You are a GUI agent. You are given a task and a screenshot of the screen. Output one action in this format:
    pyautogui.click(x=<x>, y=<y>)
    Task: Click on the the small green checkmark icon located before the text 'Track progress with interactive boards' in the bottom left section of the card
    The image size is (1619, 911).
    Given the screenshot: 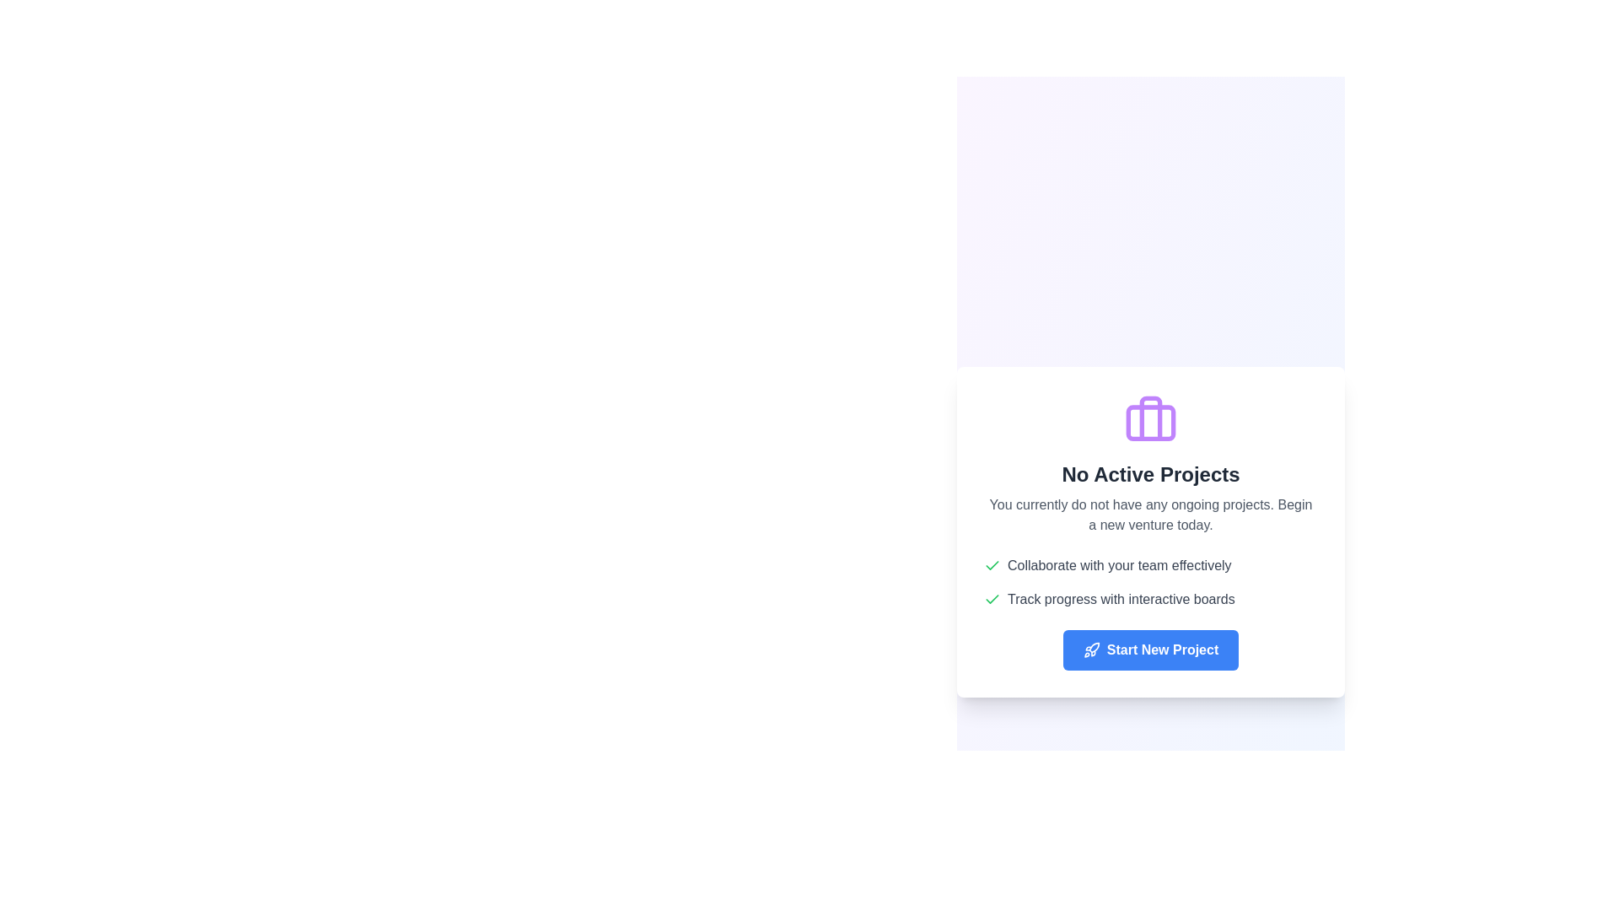 What is the action you would take?
    pyautogui.click(x=992, y=598)
    